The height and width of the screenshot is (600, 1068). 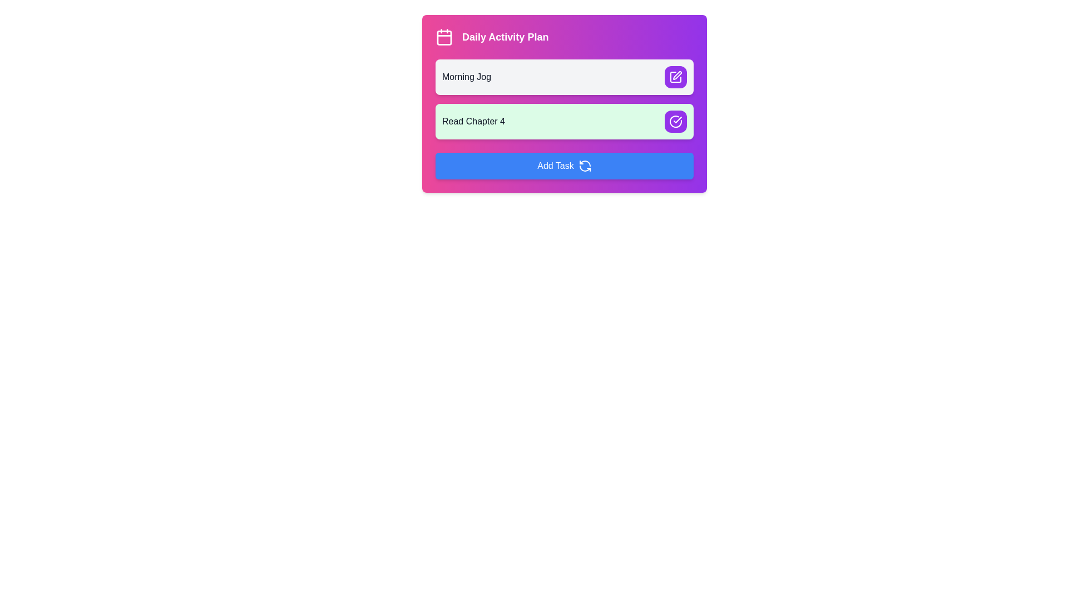 What do you see at coordinates (584, 166) in the screenshot?
I see `the circular refresh icon located within the blue 'Add Task' button` at bounding box center [584, 166].